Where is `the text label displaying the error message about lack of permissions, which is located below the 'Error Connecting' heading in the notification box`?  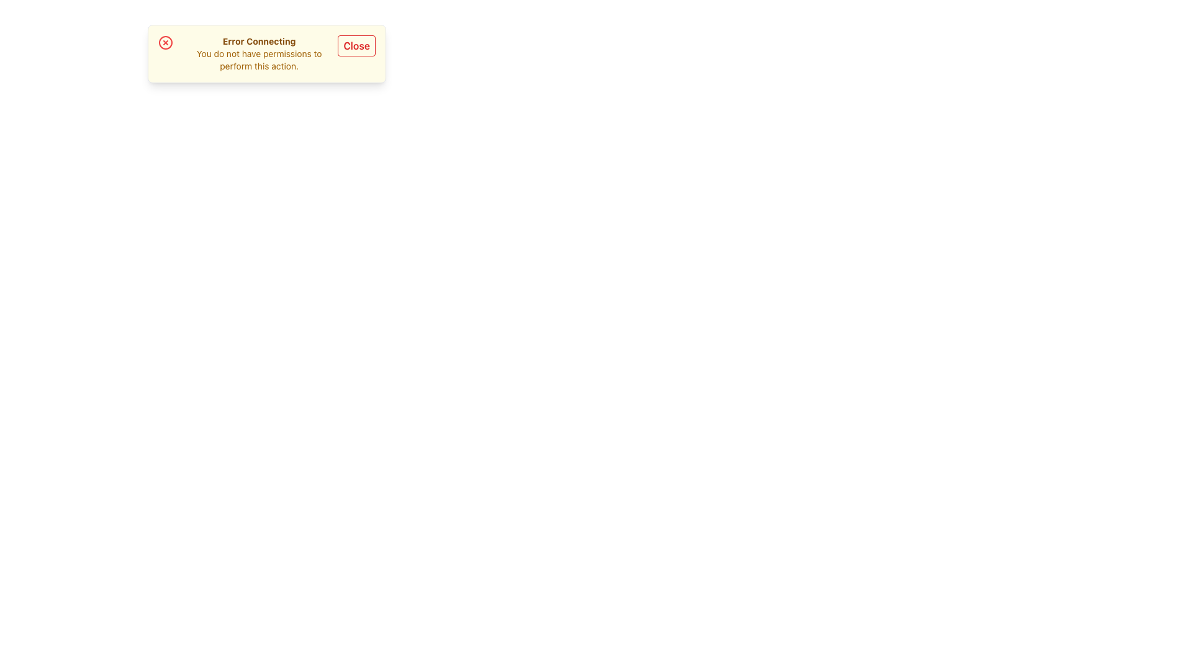 the text label displaying the error message about lack of permissions, which is located below the 'Error Connecting' heading in the notification box is located at coordinates (258, 60).